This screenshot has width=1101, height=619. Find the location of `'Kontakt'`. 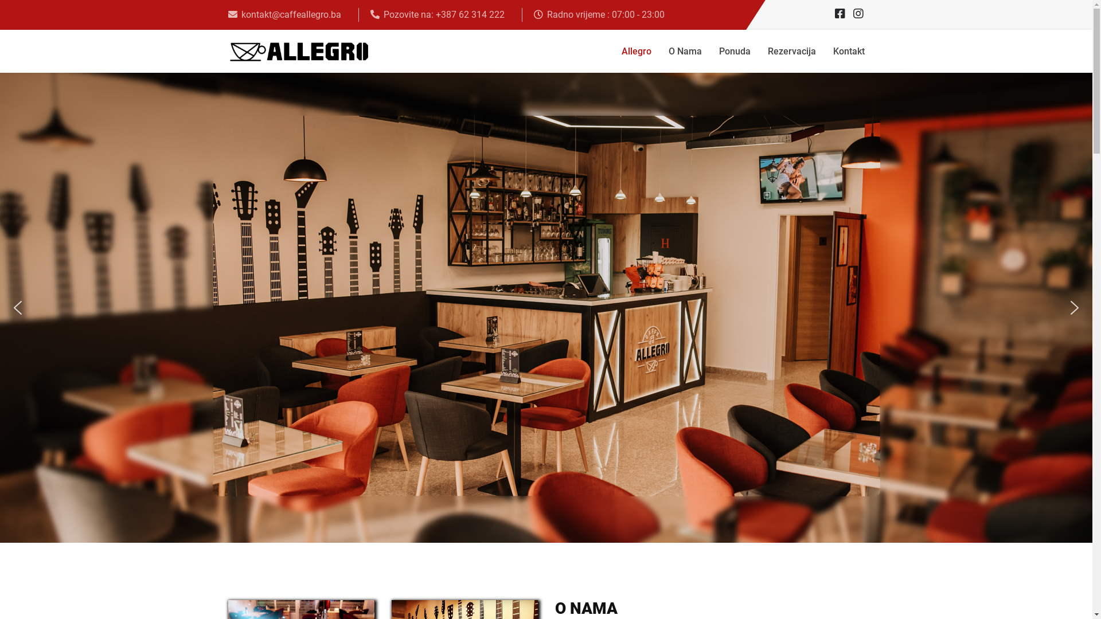

'Kontakt' is located at coordinates (849, 50).